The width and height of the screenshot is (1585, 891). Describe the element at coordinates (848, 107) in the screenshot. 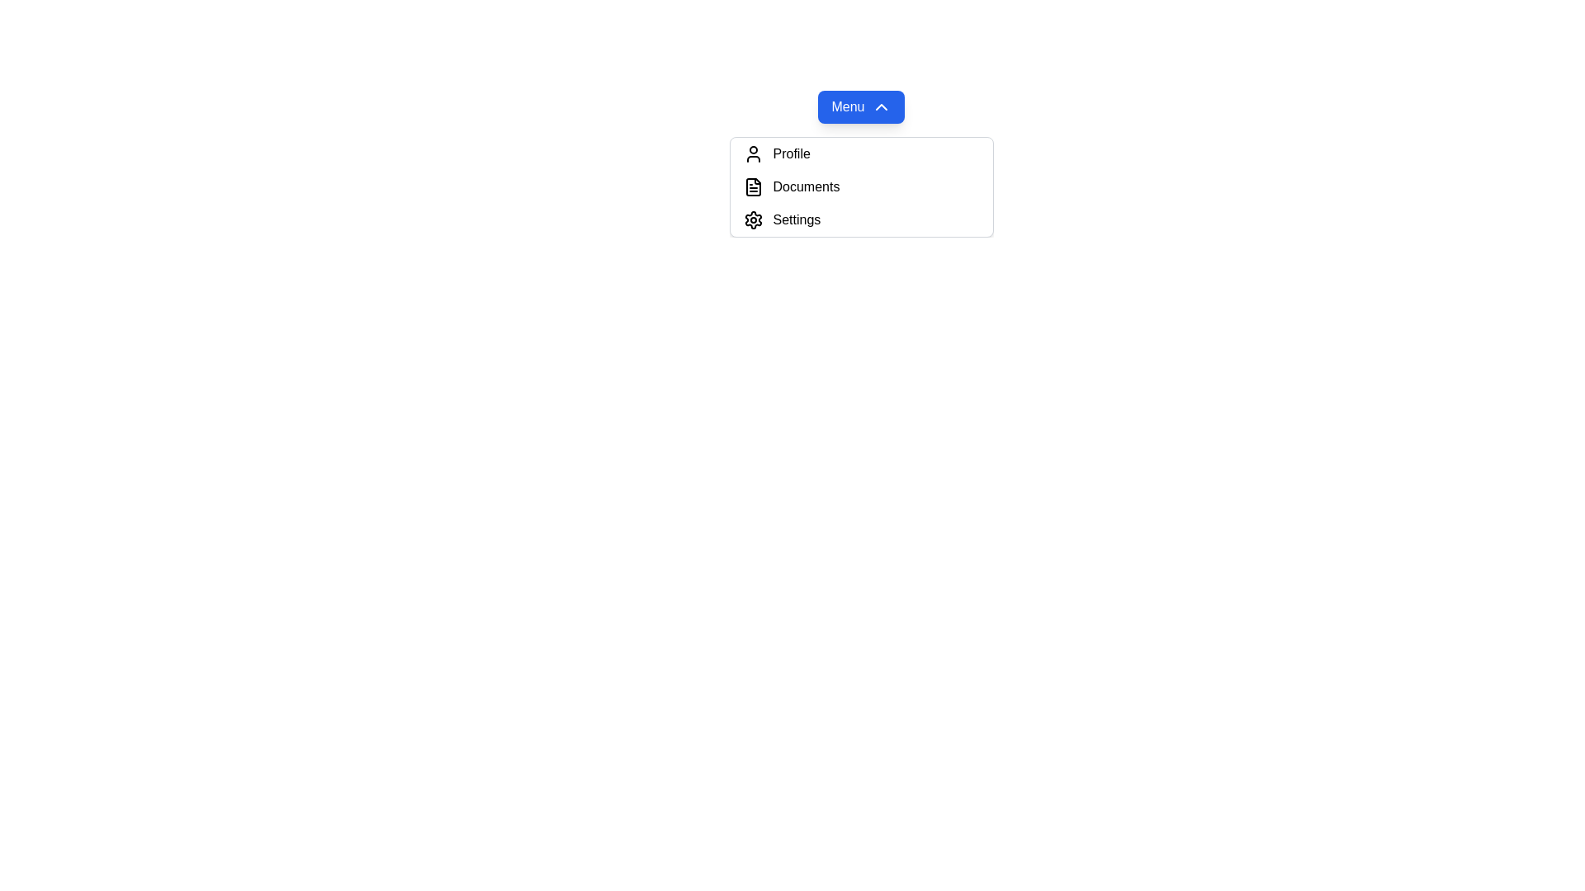

I see `the 'Menu' static text label, which is centrally located within a blue rectangular button and aligned to the left of an upward-pointing chevron icon` at that location.